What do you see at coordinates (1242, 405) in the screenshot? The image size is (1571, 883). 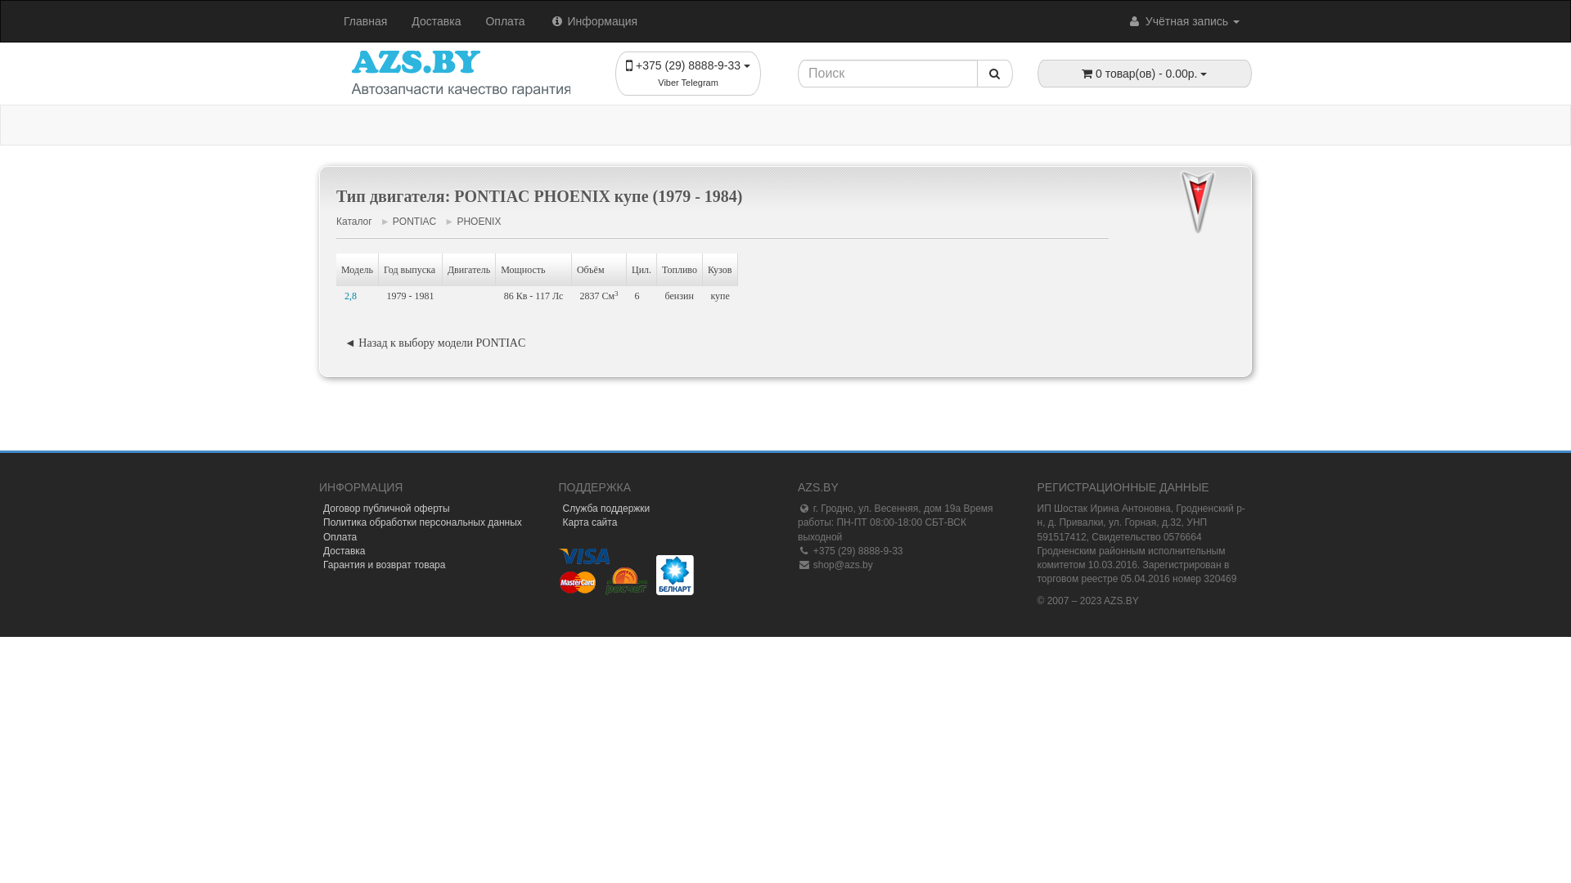 I see `' '` at bounding box center [1242, 405].